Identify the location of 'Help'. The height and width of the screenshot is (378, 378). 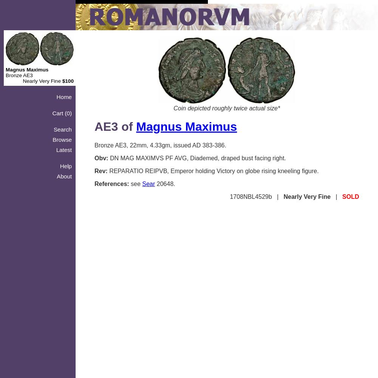
(60, 166).